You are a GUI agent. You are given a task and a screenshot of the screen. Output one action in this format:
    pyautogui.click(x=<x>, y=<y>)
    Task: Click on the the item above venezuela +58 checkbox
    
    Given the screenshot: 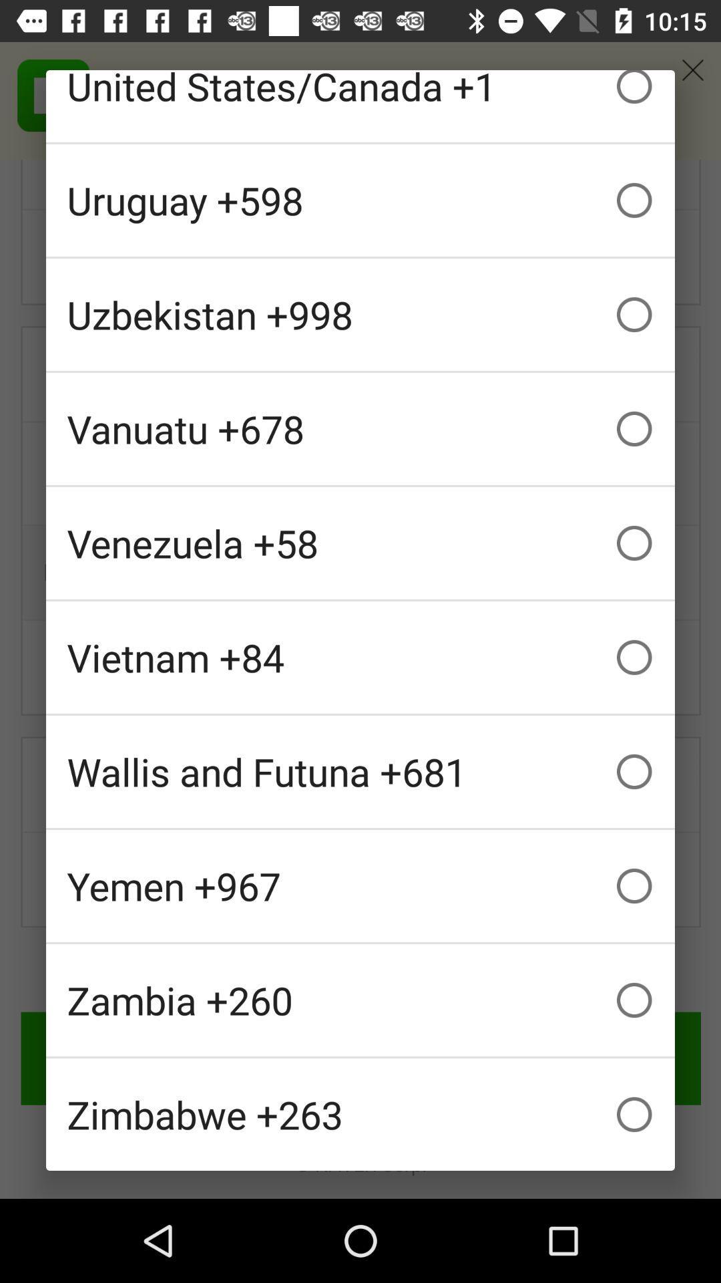 What is the action you would take?
    pyautogui.click(x=360, y=429)
    